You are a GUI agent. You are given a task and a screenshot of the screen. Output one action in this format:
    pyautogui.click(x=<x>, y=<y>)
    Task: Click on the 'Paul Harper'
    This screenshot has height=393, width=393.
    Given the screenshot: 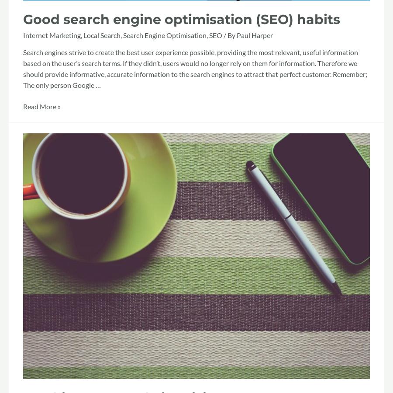 What is the action you would take?
    pyautogui.click(x=255, y=35)
    